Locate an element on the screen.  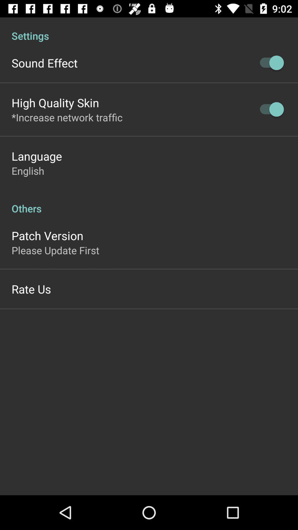
the item below settings is located at coordinates (44, 63).